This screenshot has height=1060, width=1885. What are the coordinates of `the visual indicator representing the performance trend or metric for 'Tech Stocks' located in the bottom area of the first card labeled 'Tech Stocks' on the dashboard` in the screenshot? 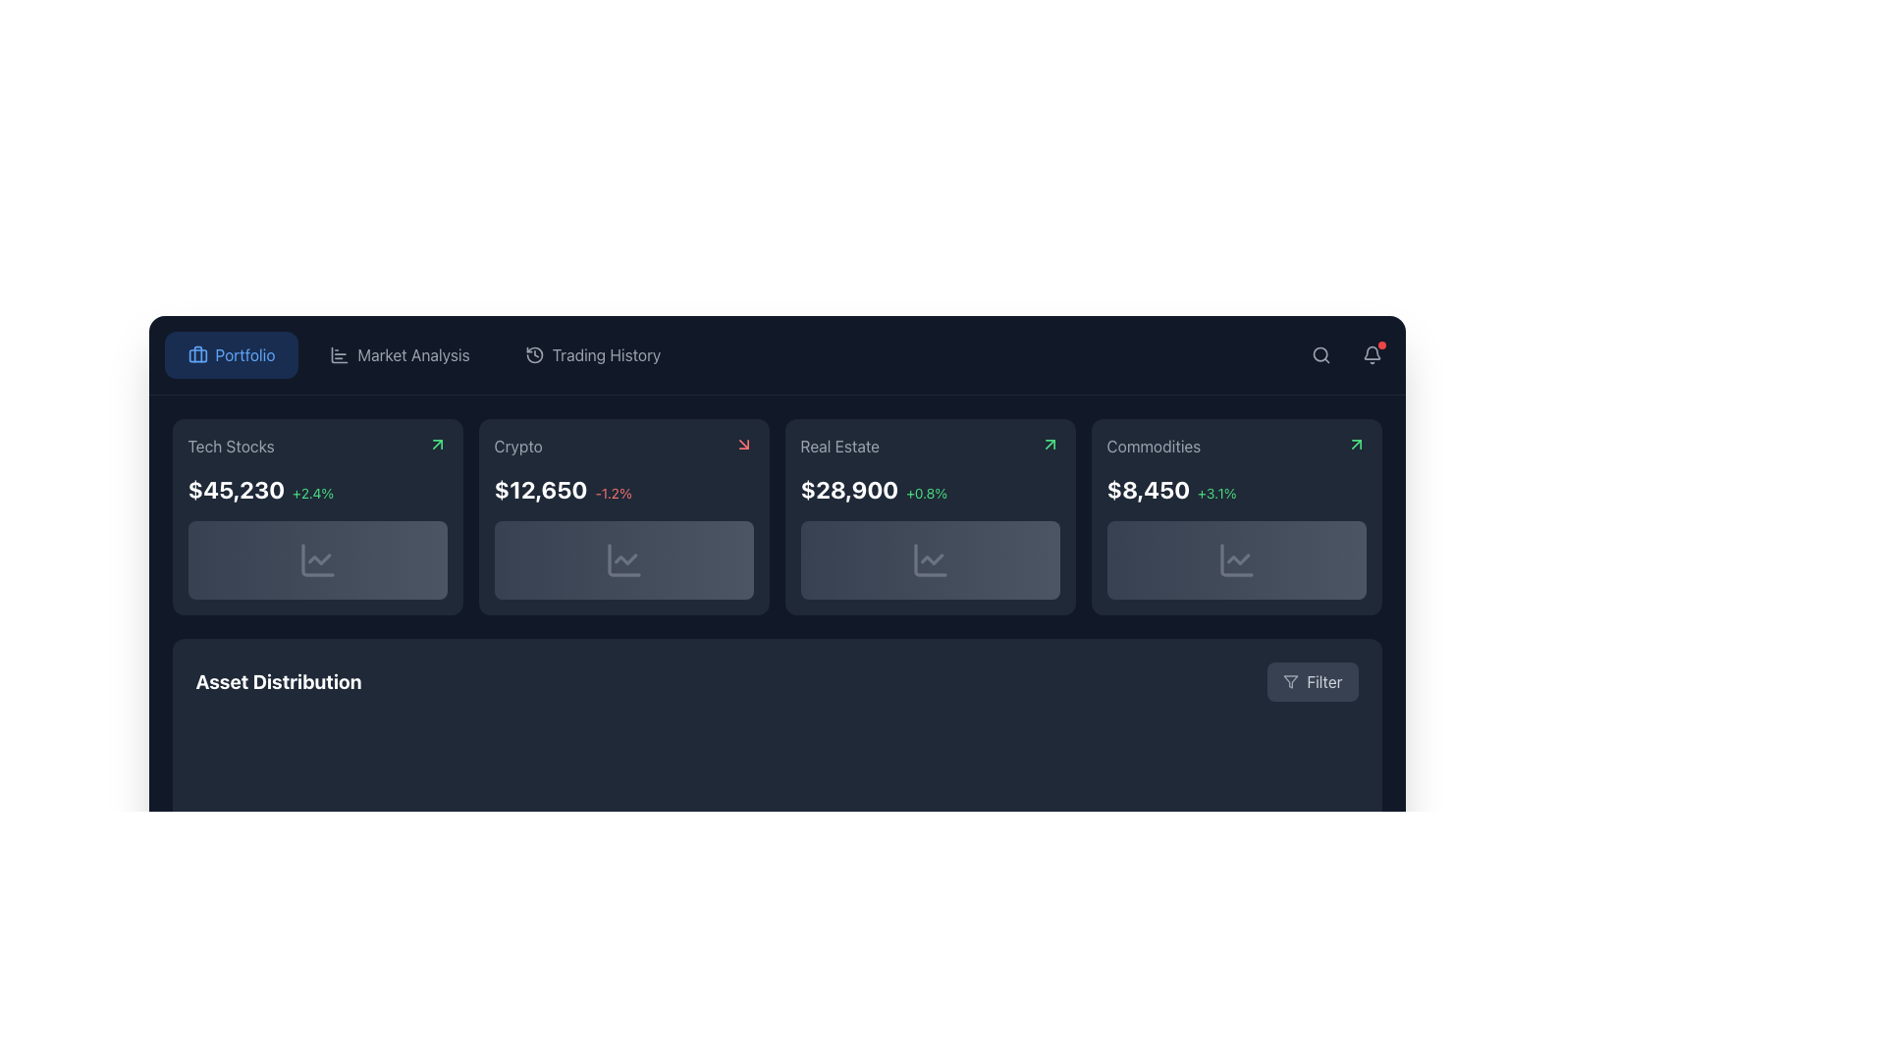 It's located at (317, 559).